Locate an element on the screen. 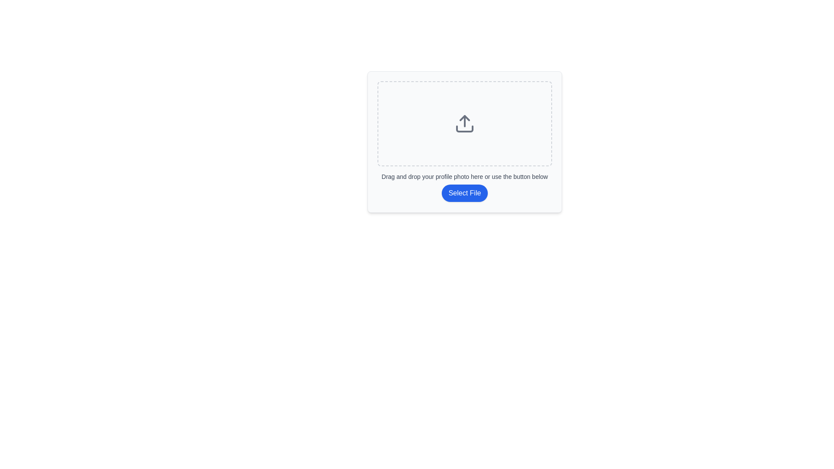 Image resolution: width=834 pixels, height=469 pixels. the centered text message that provides instructions about the drag-and-drop functionality for uploading a profile photo, located beneath the large upload icon and above the 'Select File' button is located at coordinates (464, 176).